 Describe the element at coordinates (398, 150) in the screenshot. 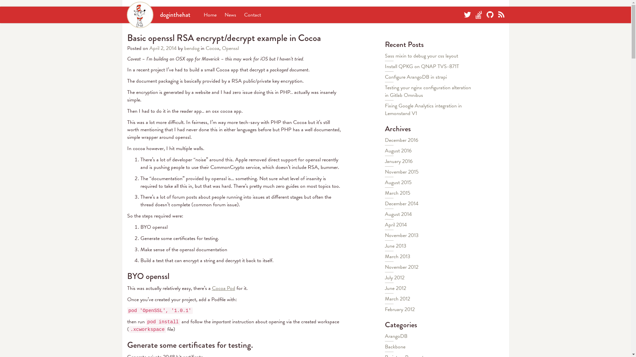

I see `'August 2016'` at that location.